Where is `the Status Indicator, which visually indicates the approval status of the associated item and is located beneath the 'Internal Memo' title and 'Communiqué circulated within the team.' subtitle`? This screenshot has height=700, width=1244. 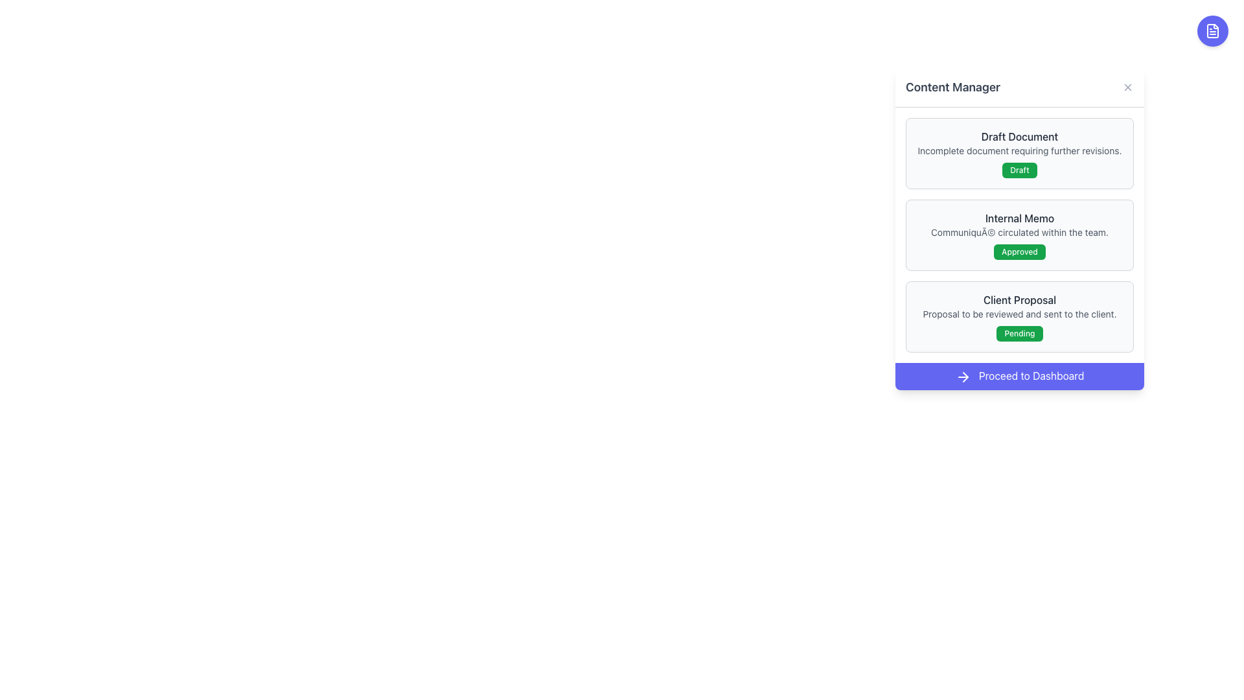 the Status Indicator, which visually indicates the approval status of the associated item and is located beneath the 'Internal Memo' title and 'Communiqué circulated within the team.' subtitle is located at coordinates (1019, 252).